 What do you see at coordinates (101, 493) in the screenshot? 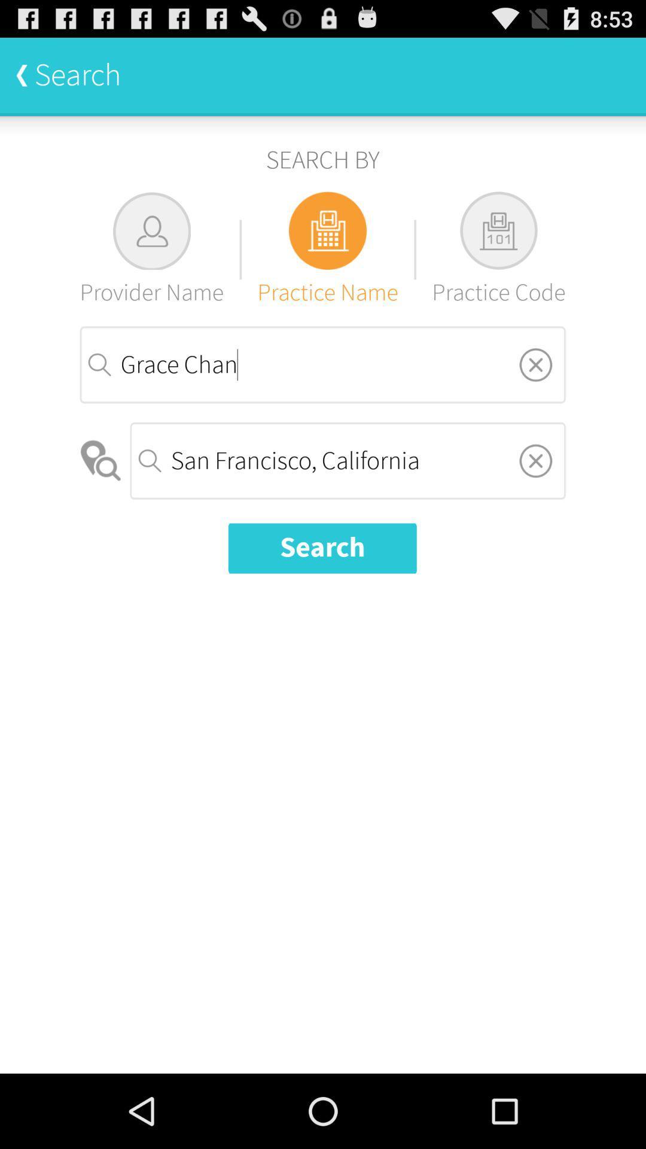
I see `the location icon` at bounding box center [101, 493].